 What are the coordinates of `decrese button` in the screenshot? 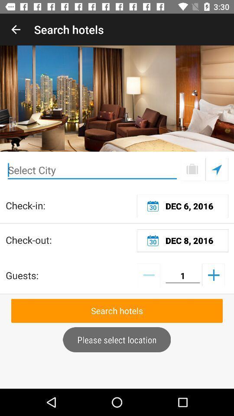 It's located at (148, 274).